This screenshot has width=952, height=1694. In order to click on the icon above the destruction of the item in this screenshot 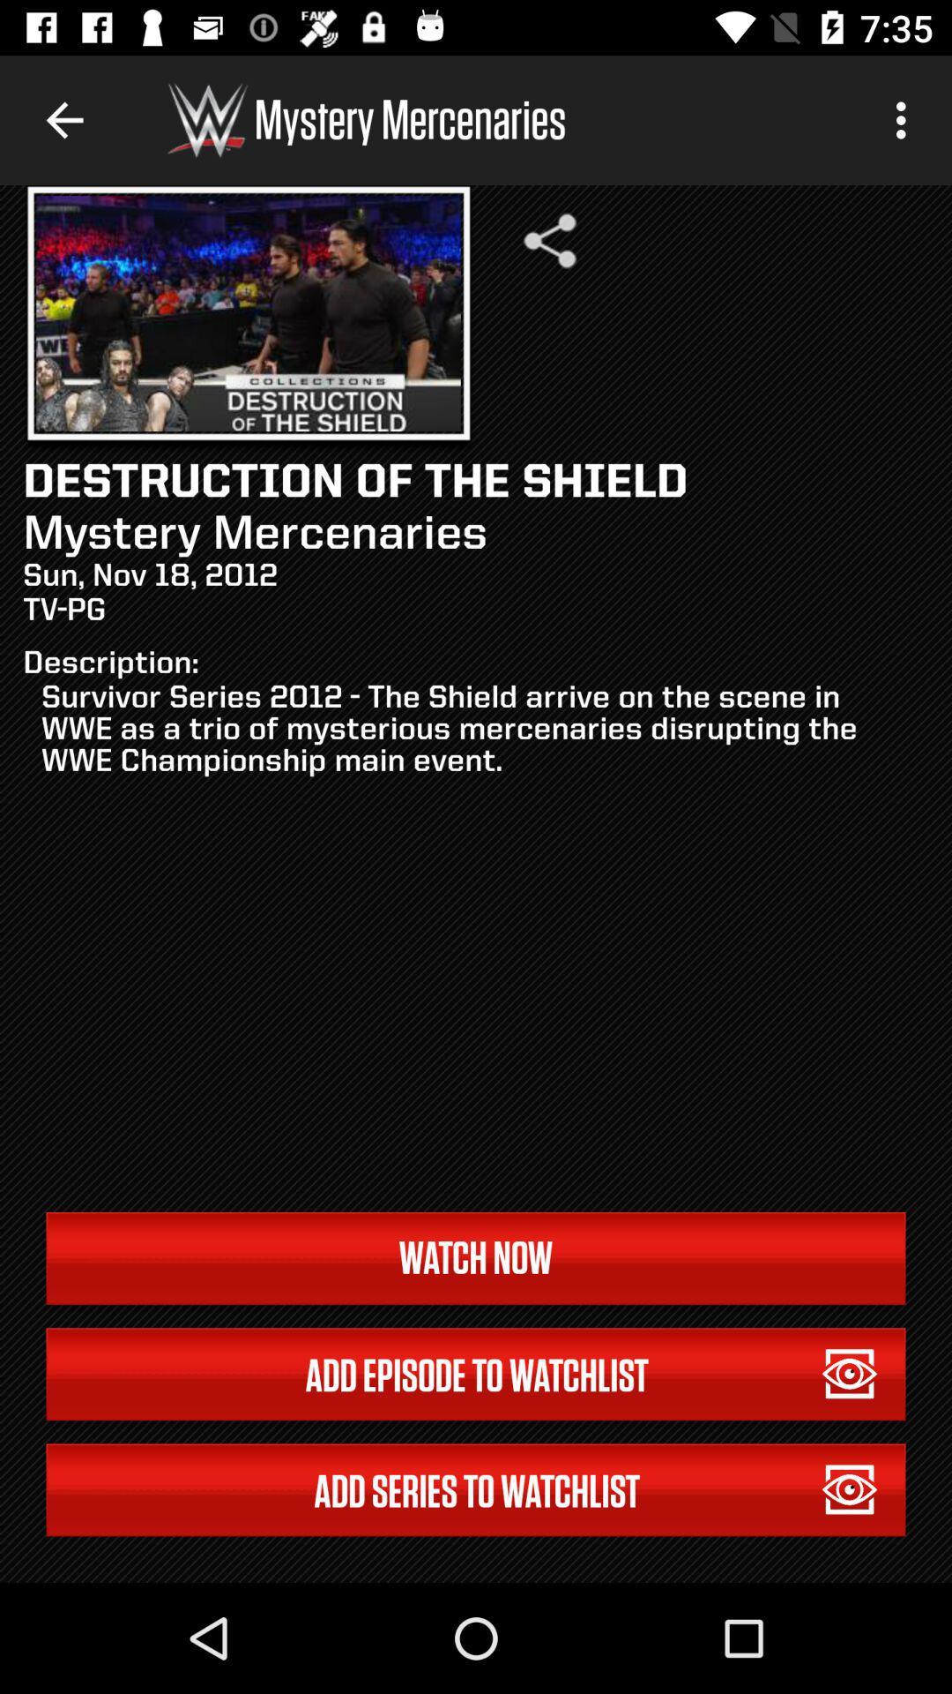, I will do `click(549, 240)`.